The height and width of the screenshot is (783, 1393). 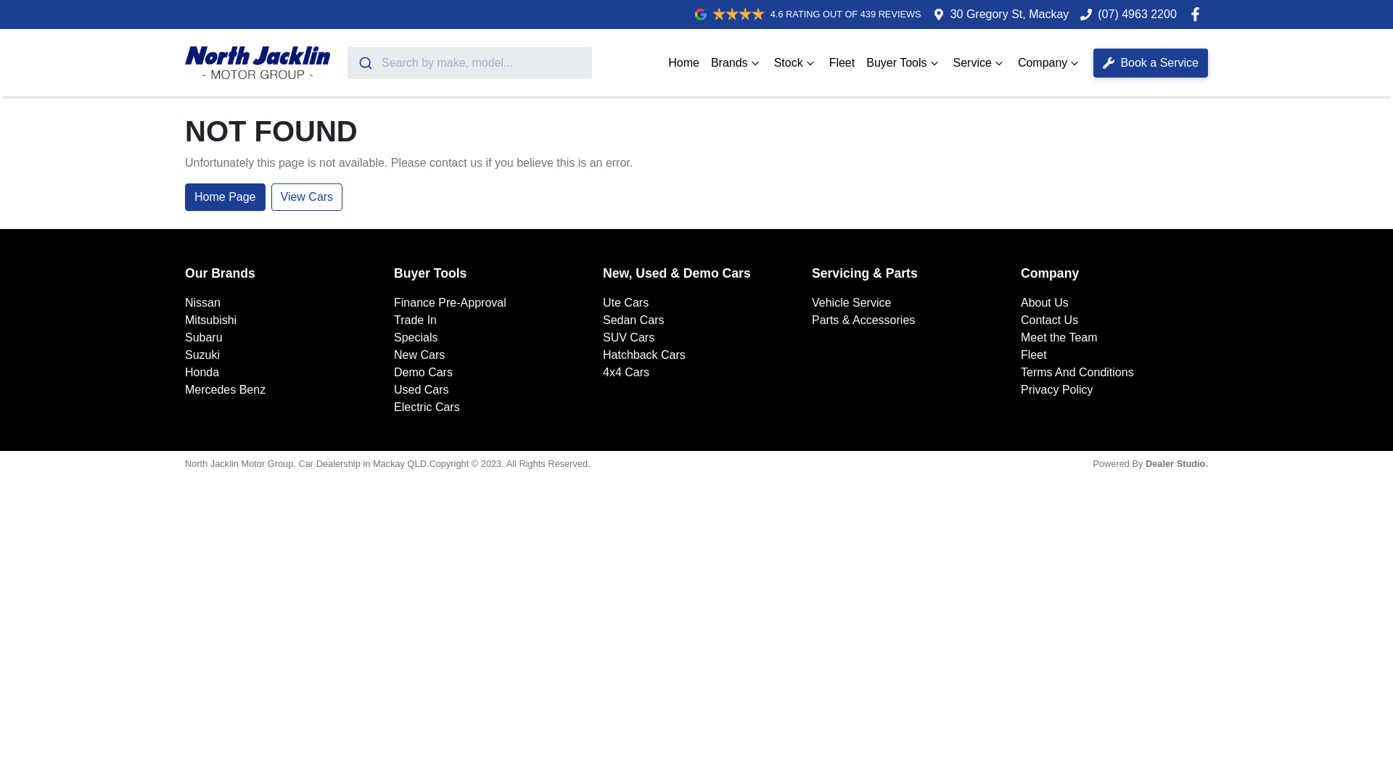 What do you see at coordinates (736, 61) in the screenshot?
I see `'Brands'` at bounding box center [736, 61].